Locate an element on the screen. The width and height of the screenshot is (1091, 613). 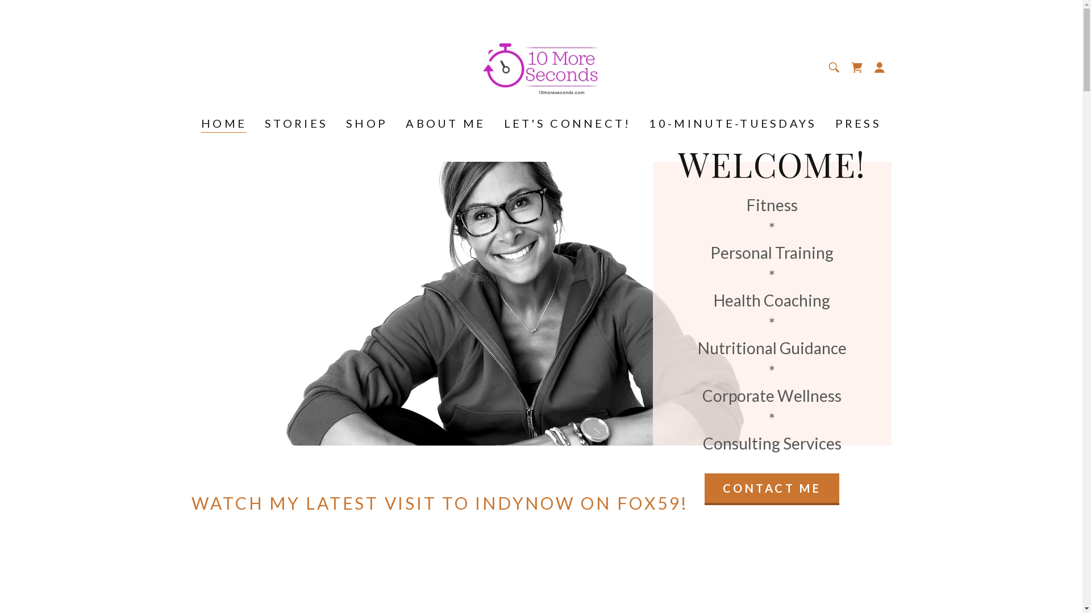
'STORIES' is located at coordinates (261, 123).